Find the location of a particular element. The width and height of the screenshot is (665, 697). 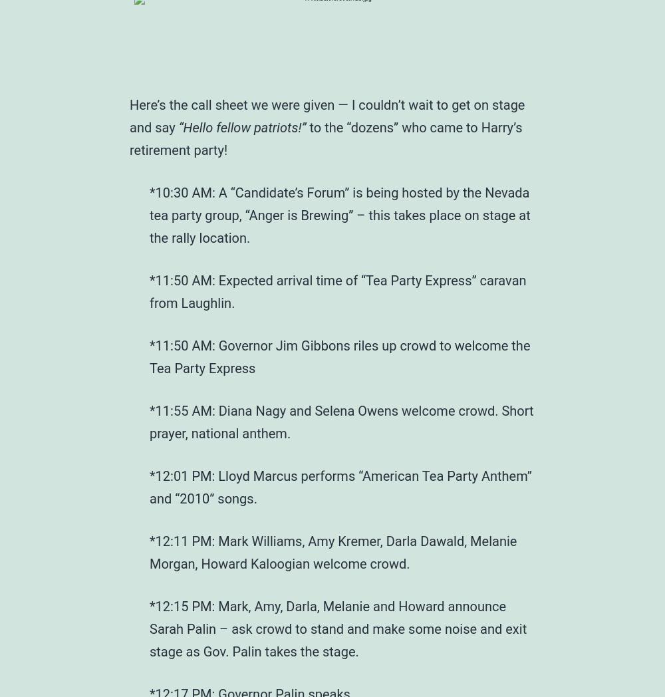

'*10:30 AM: A “Candidate’s Forum” is being hosted by the Nevada tea party group, “Anger is Brewing” – this takes place on stage at the rally location.' is located at coordinates (149, 214).